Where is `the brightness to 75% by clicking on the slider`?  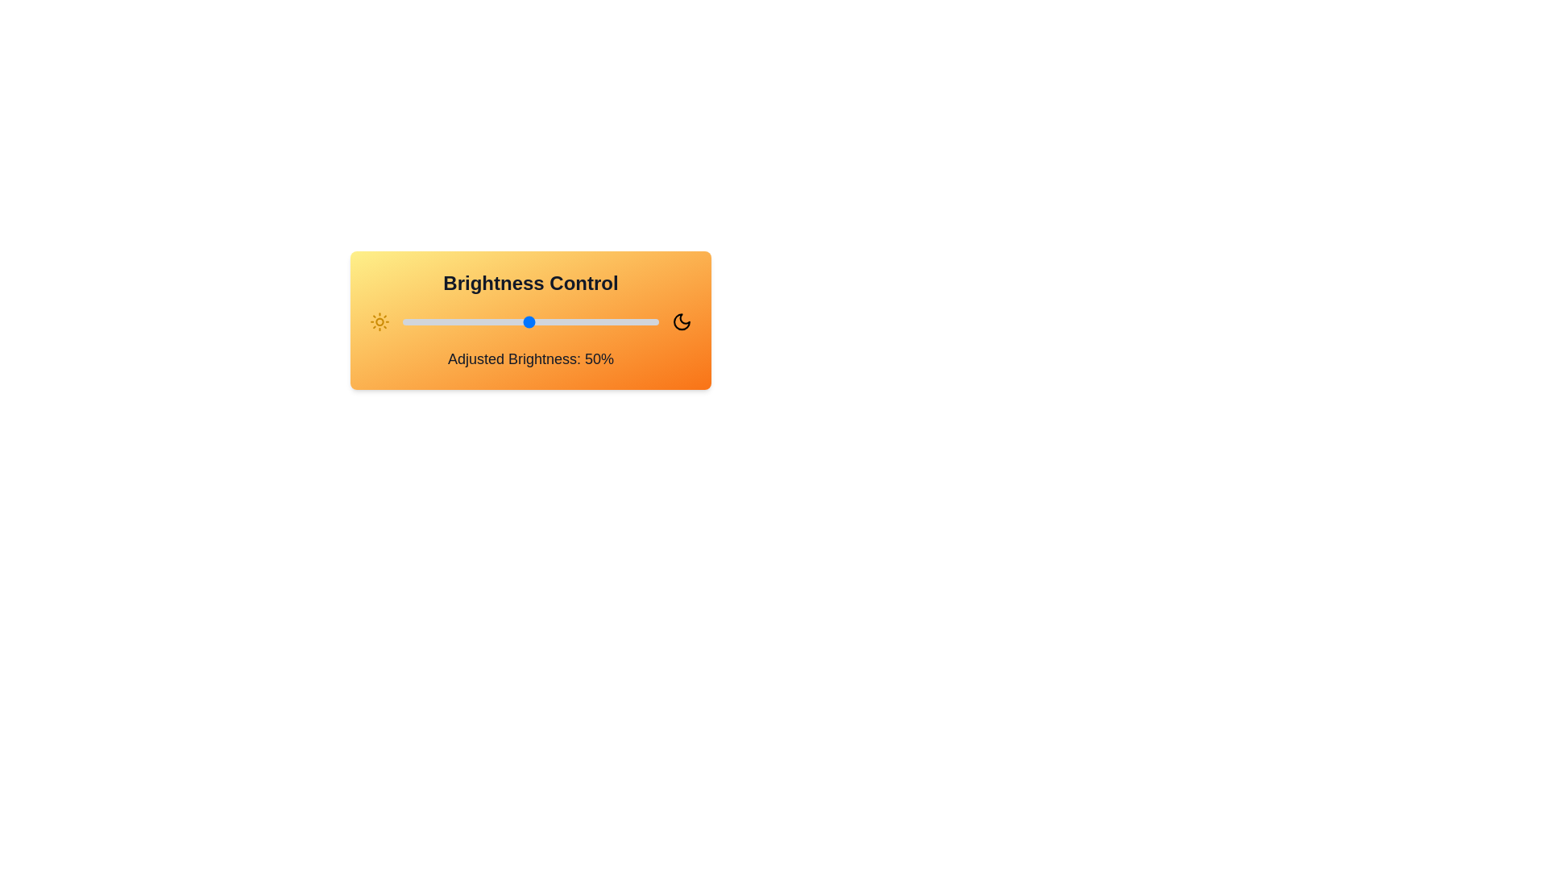
the brightness to 75% by clicking on the slider is located at coordinates (593, 322).